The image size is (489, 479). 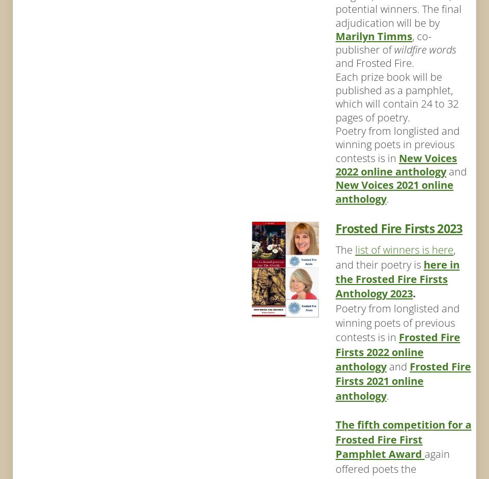 I want to click on 'Poetry from longlisted and winning poets in previous contests is in', so click(x=335, y=144).